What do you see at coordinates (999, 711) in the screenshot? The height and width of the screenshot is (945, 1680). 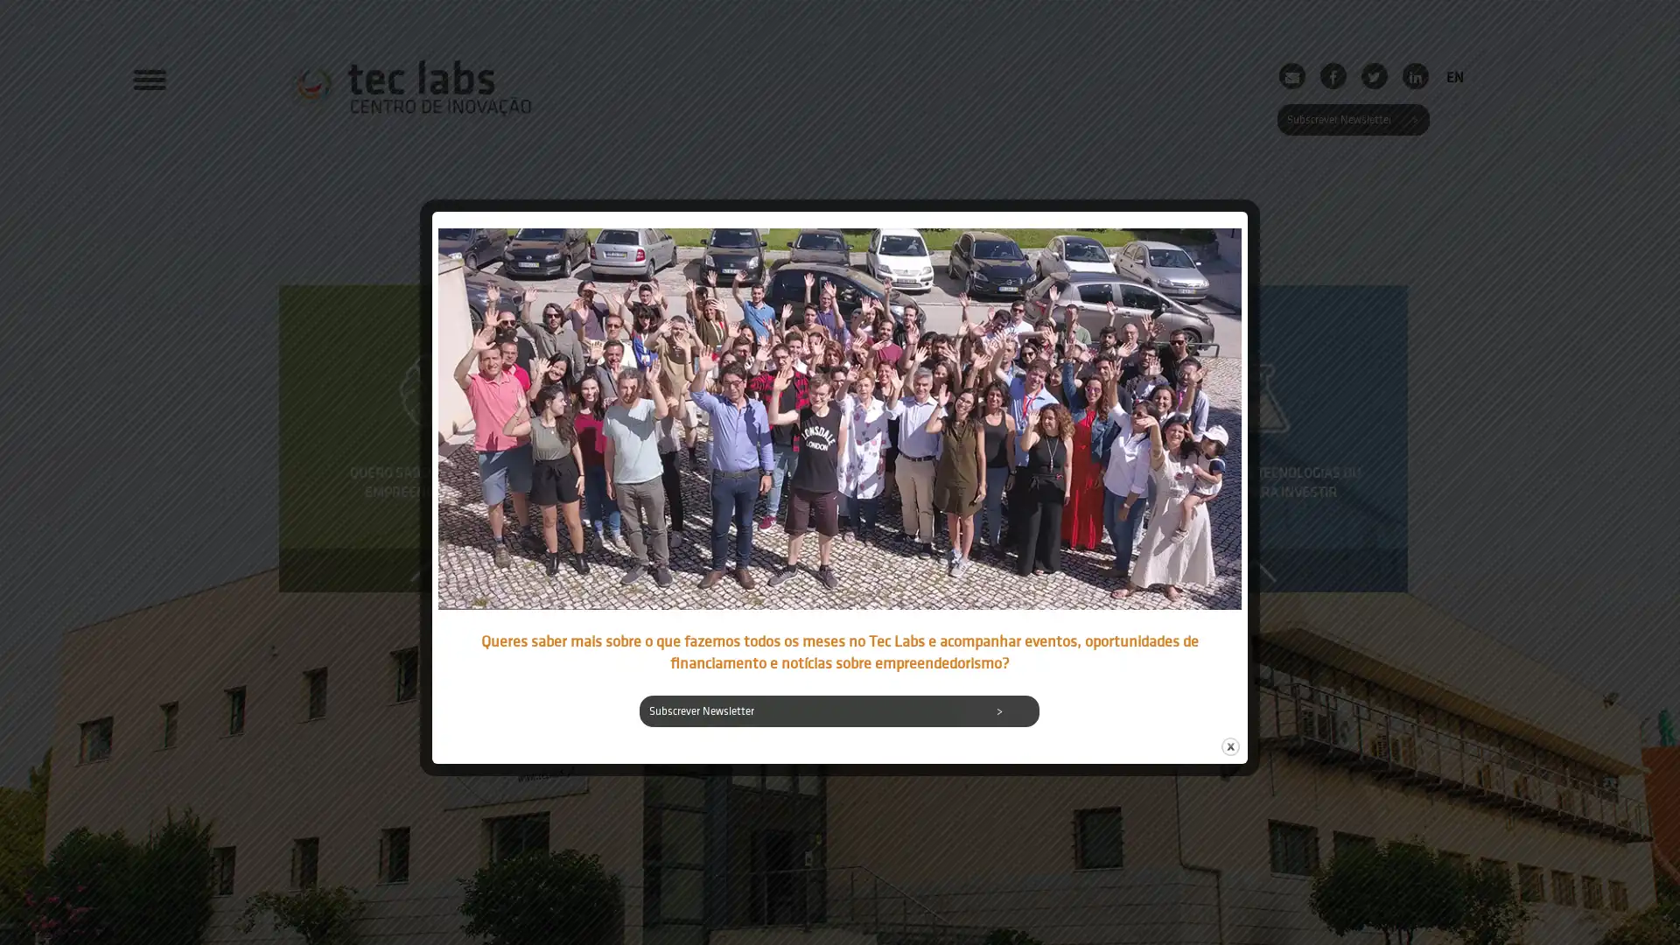 I see `>` at bounding box center [999, 711].